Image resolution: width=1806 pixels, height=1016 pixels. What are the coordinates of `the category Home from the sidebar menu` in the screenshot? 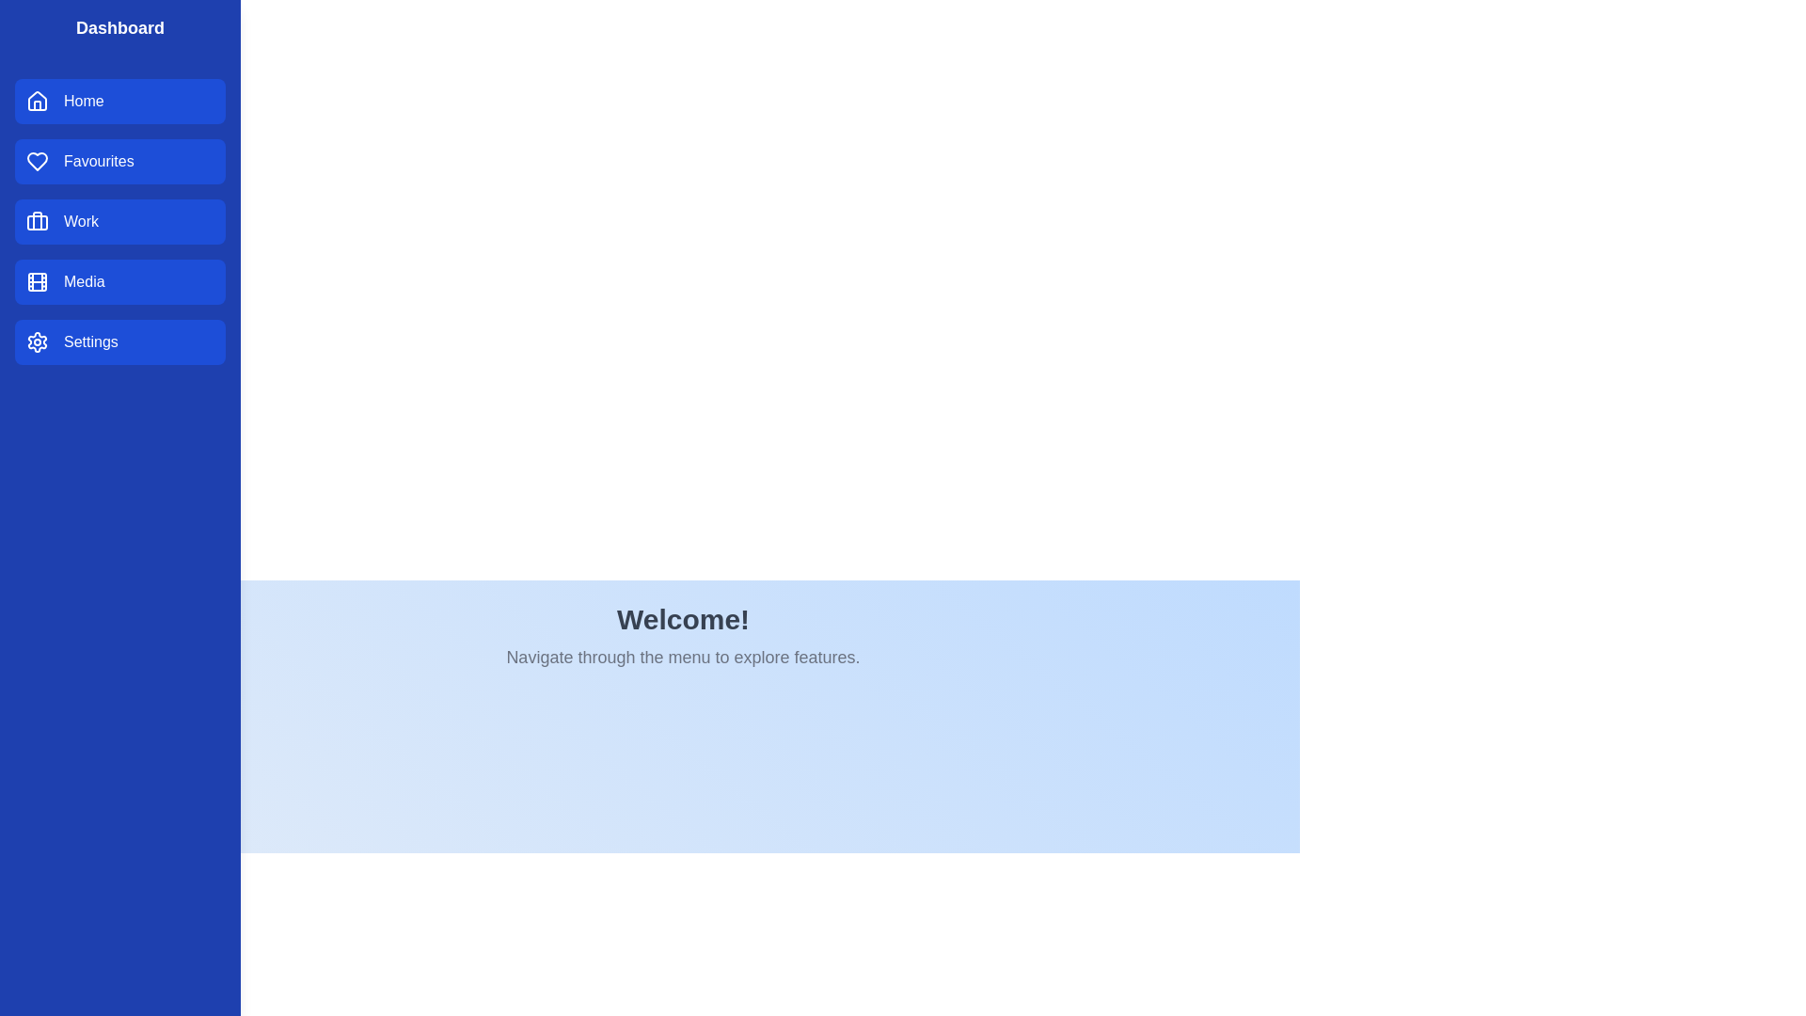 It's located at (119, 102).